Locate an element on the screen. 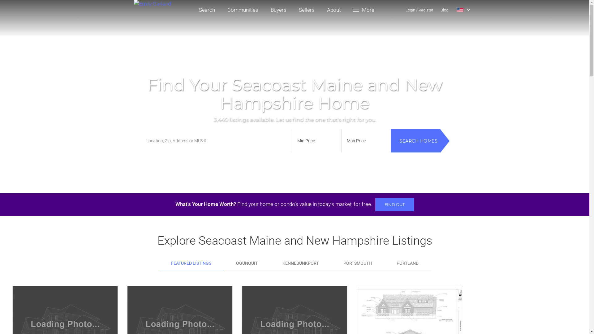  'About' is located at coordinates (333, 10).